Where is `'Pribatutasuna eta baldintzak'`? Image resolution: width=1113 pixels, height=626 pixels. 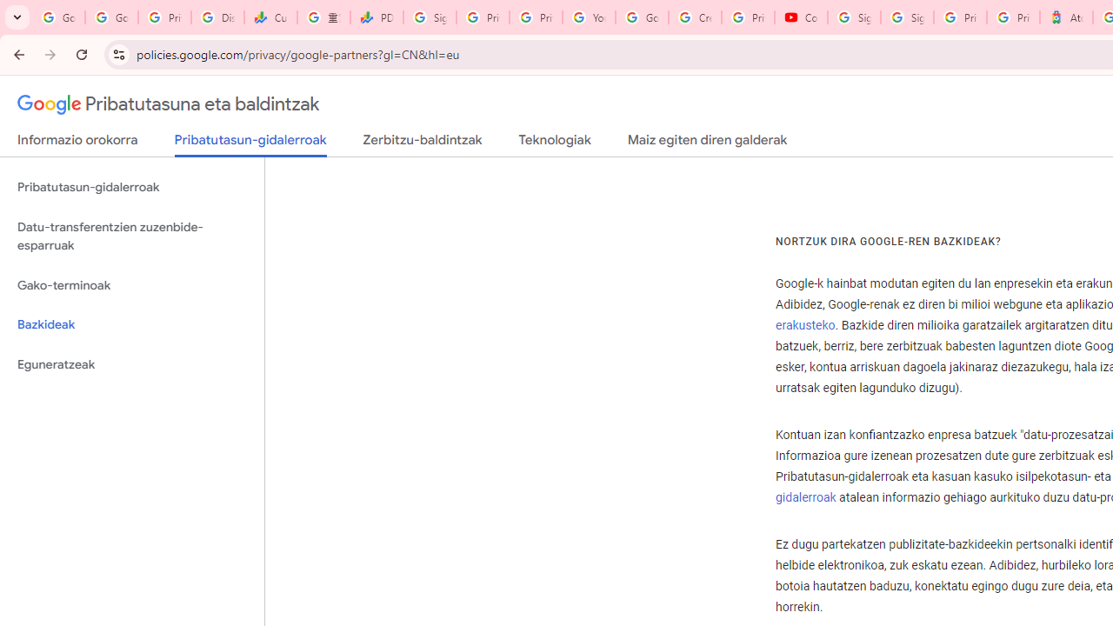
'Pribatutasuna eta baldintzak' is located at coordinates (169, 104).